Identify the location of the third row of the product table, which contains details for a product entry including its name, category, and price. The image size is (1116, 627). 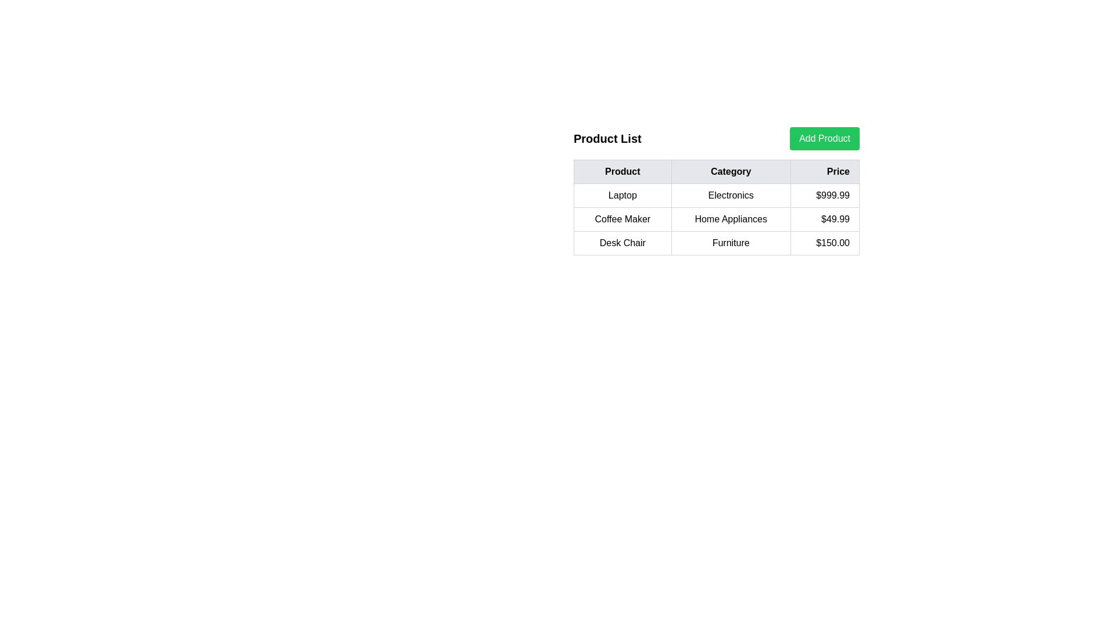
(716, 243).